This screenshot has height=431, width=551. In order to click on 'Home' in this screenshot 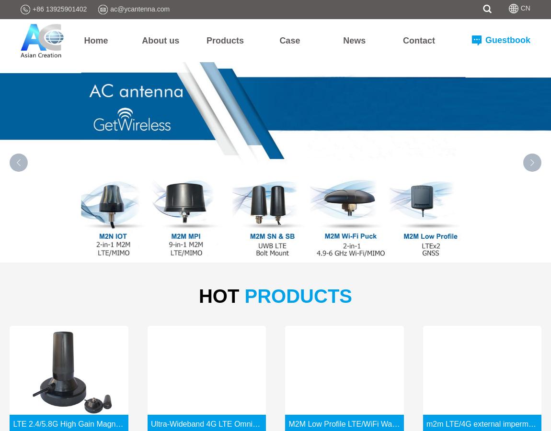, I will do `click(95, 39)`.